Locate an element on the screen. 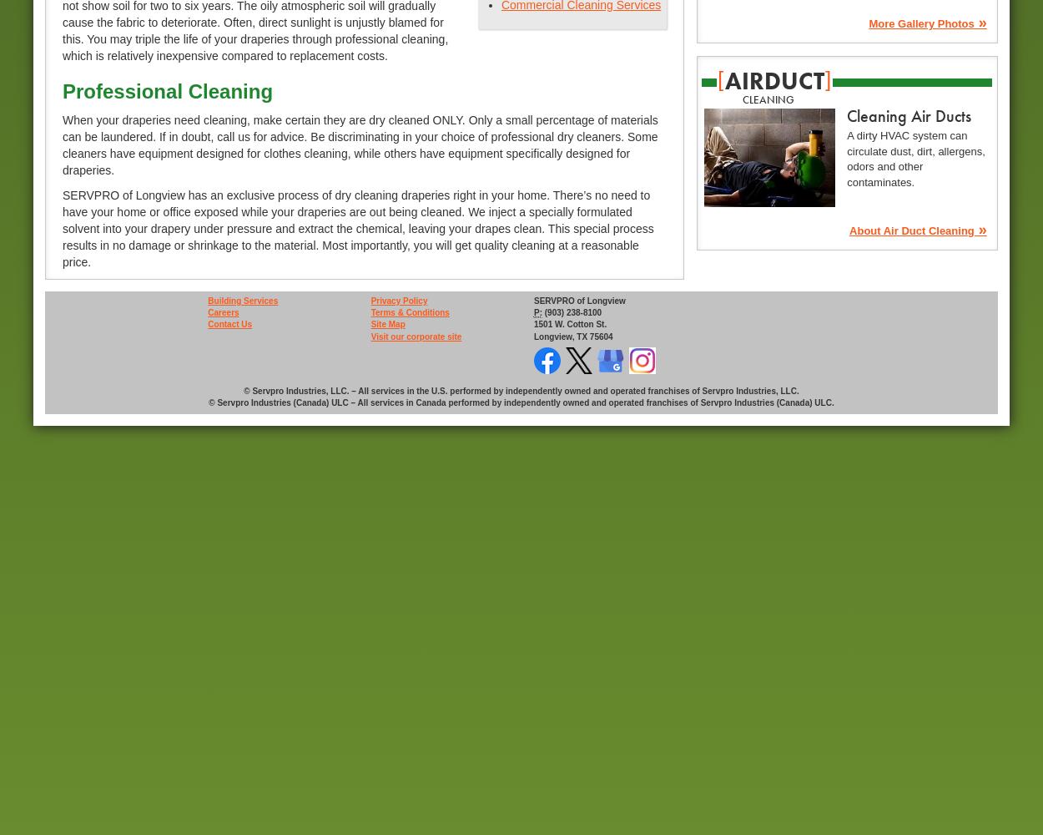 The width and height of the screenshot is (1043, 835). 'Privacy Policy' is located at coordinates (398, 299).